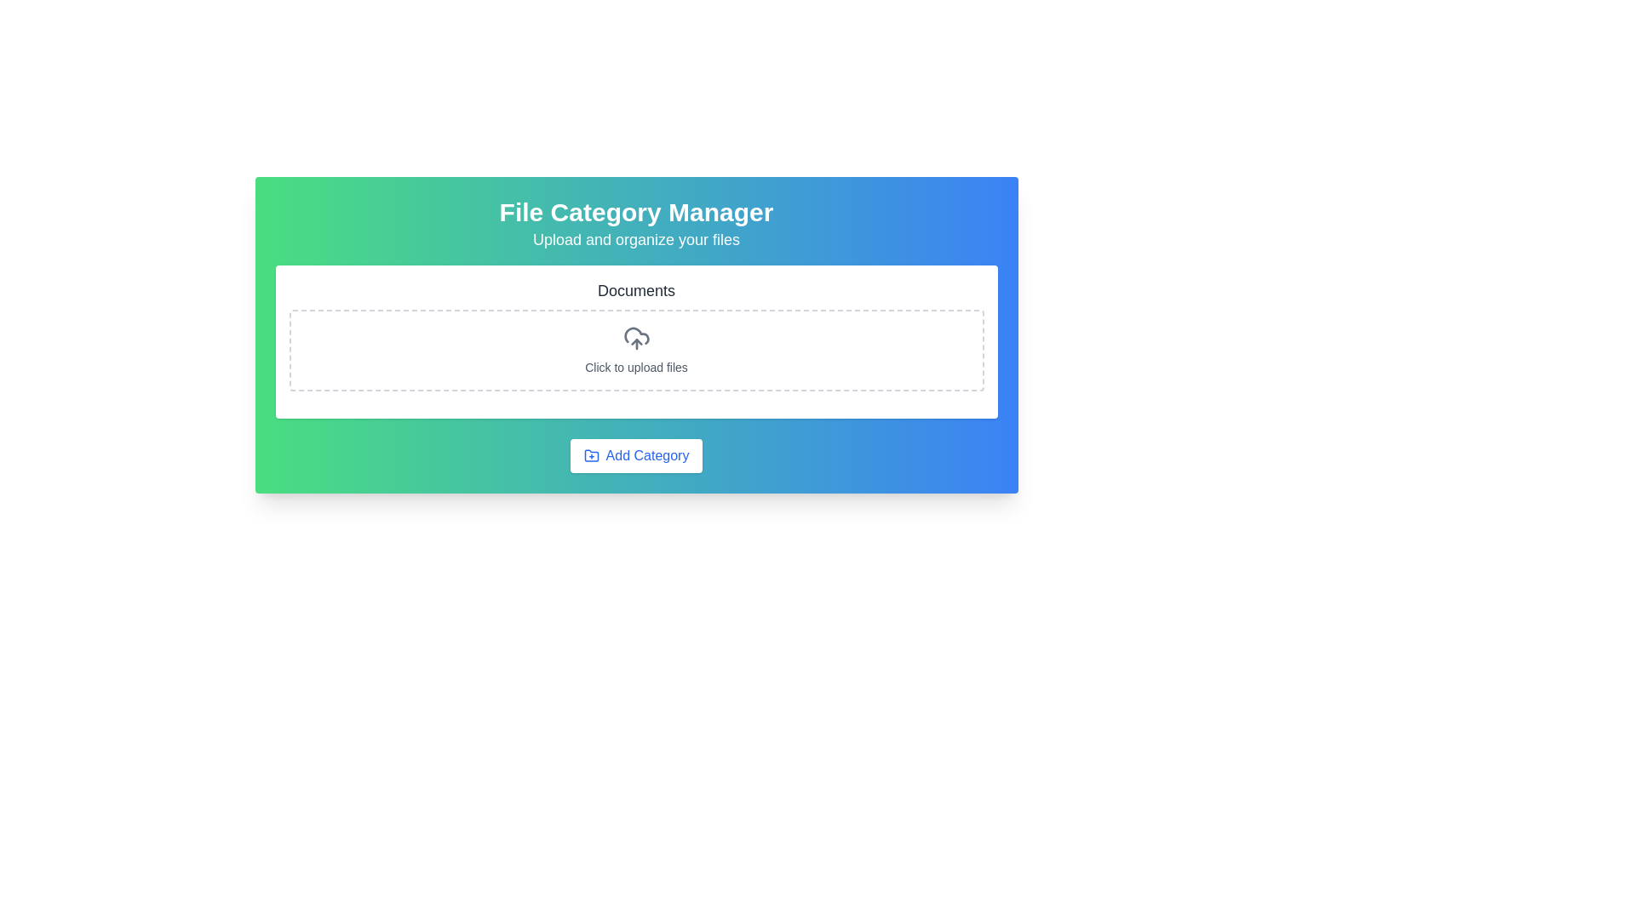  What do you see at coordinates (591, 455) in the screenshot?
I see `the 'Add Category' button that contains a small folder icon with a plus sign, which has a blue outline and a transparent background` at bounding box center [591, 455].